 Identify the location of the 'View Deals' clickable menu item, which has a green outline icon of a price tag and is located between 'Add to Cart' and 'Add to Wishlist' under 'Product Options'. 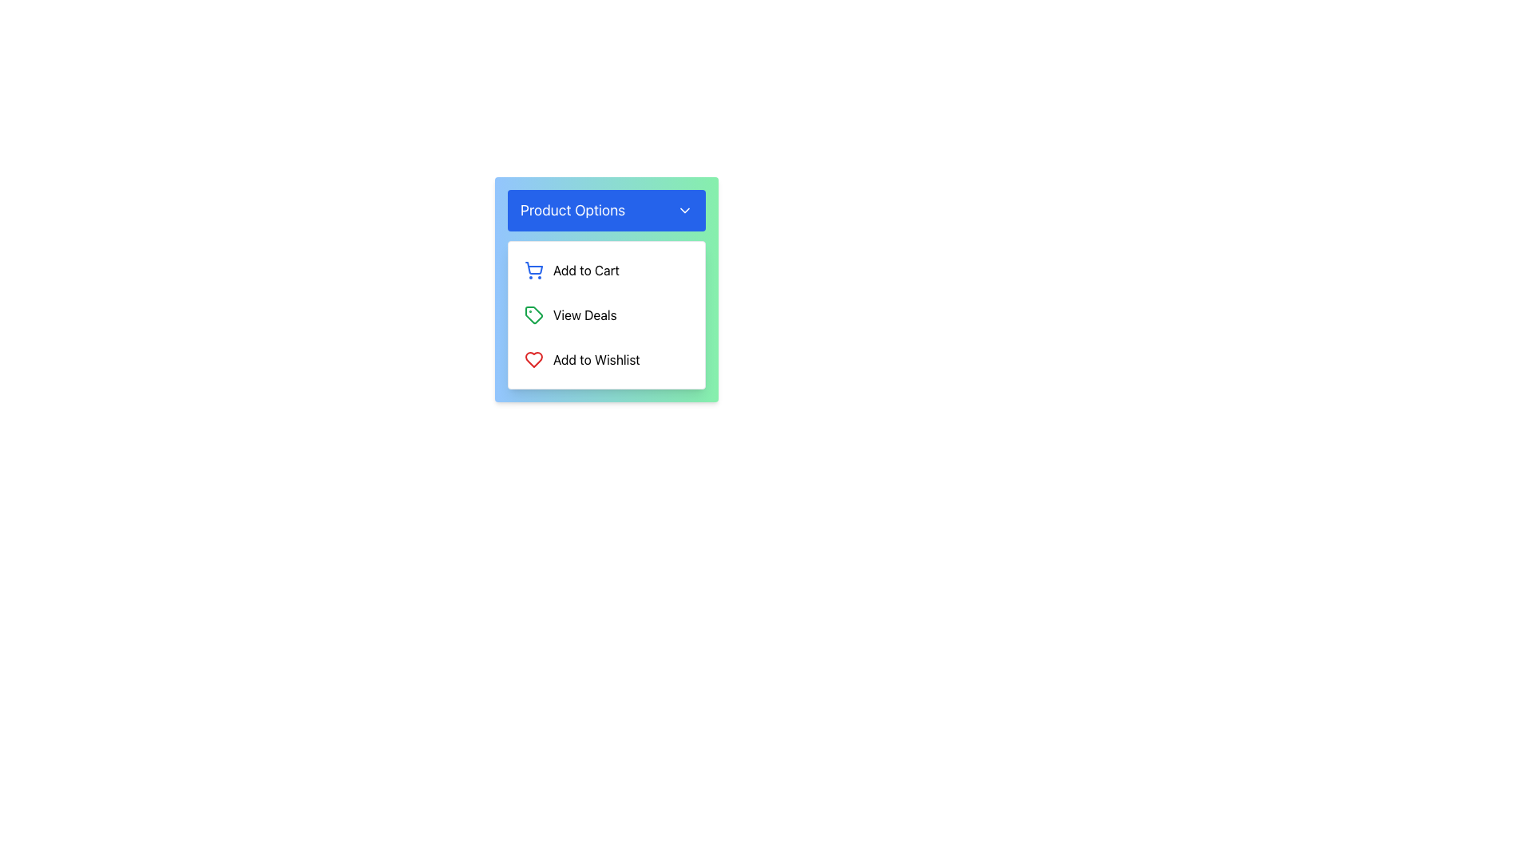
(605, 314).